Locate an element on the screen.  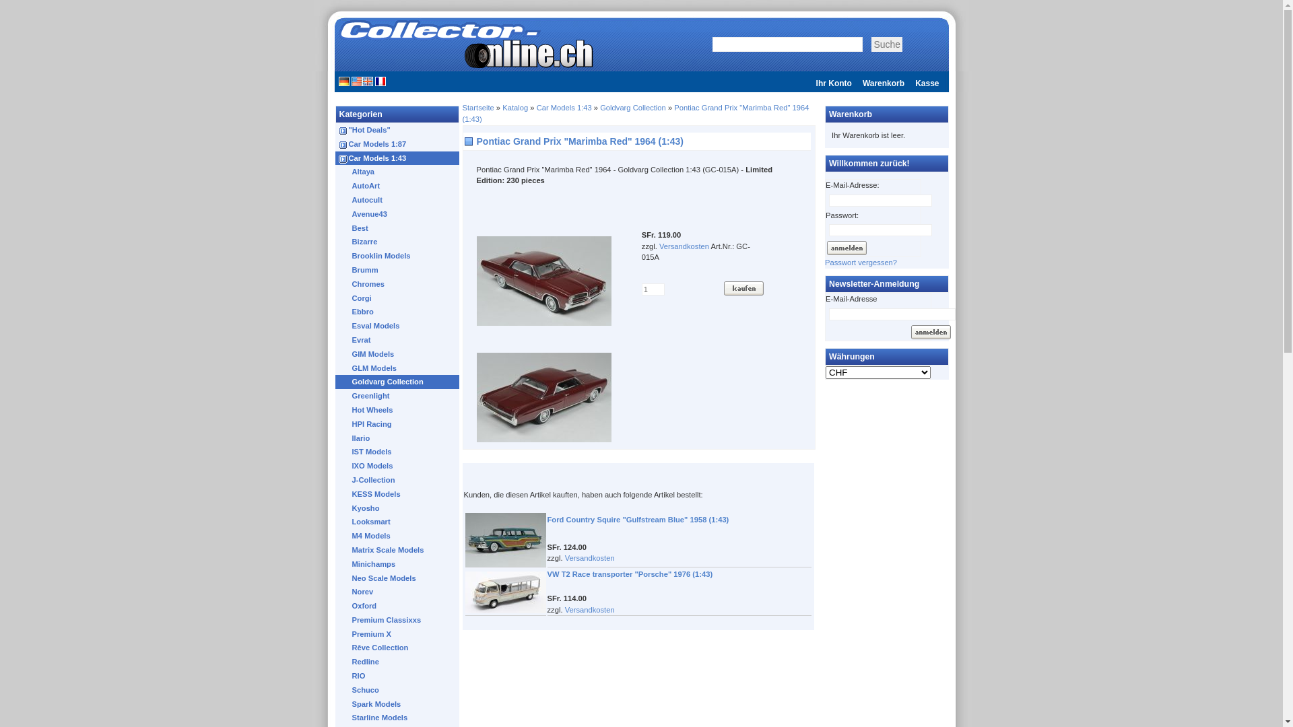
'VW T2 Race transporter "Porsche" 1976 (1:43)' is located at coordinates (629, 574).